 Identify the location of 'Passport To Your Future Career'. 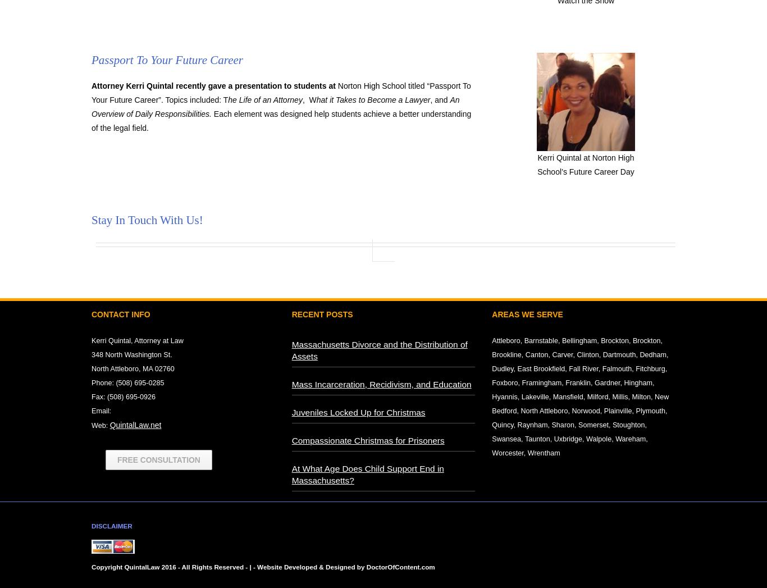
(168, 60).